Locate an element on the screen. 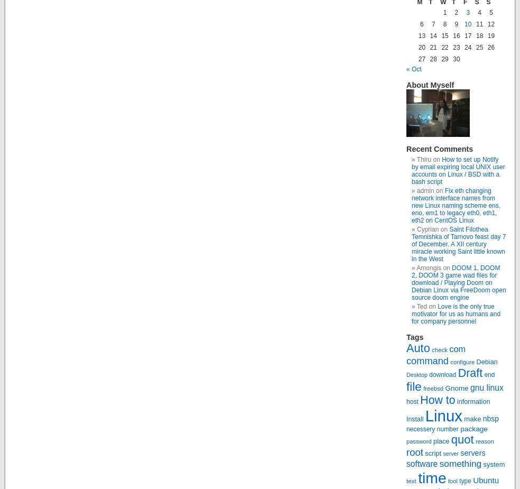 This screenshot has width=520, height=489. '12' is located at coordinates (490, 23).